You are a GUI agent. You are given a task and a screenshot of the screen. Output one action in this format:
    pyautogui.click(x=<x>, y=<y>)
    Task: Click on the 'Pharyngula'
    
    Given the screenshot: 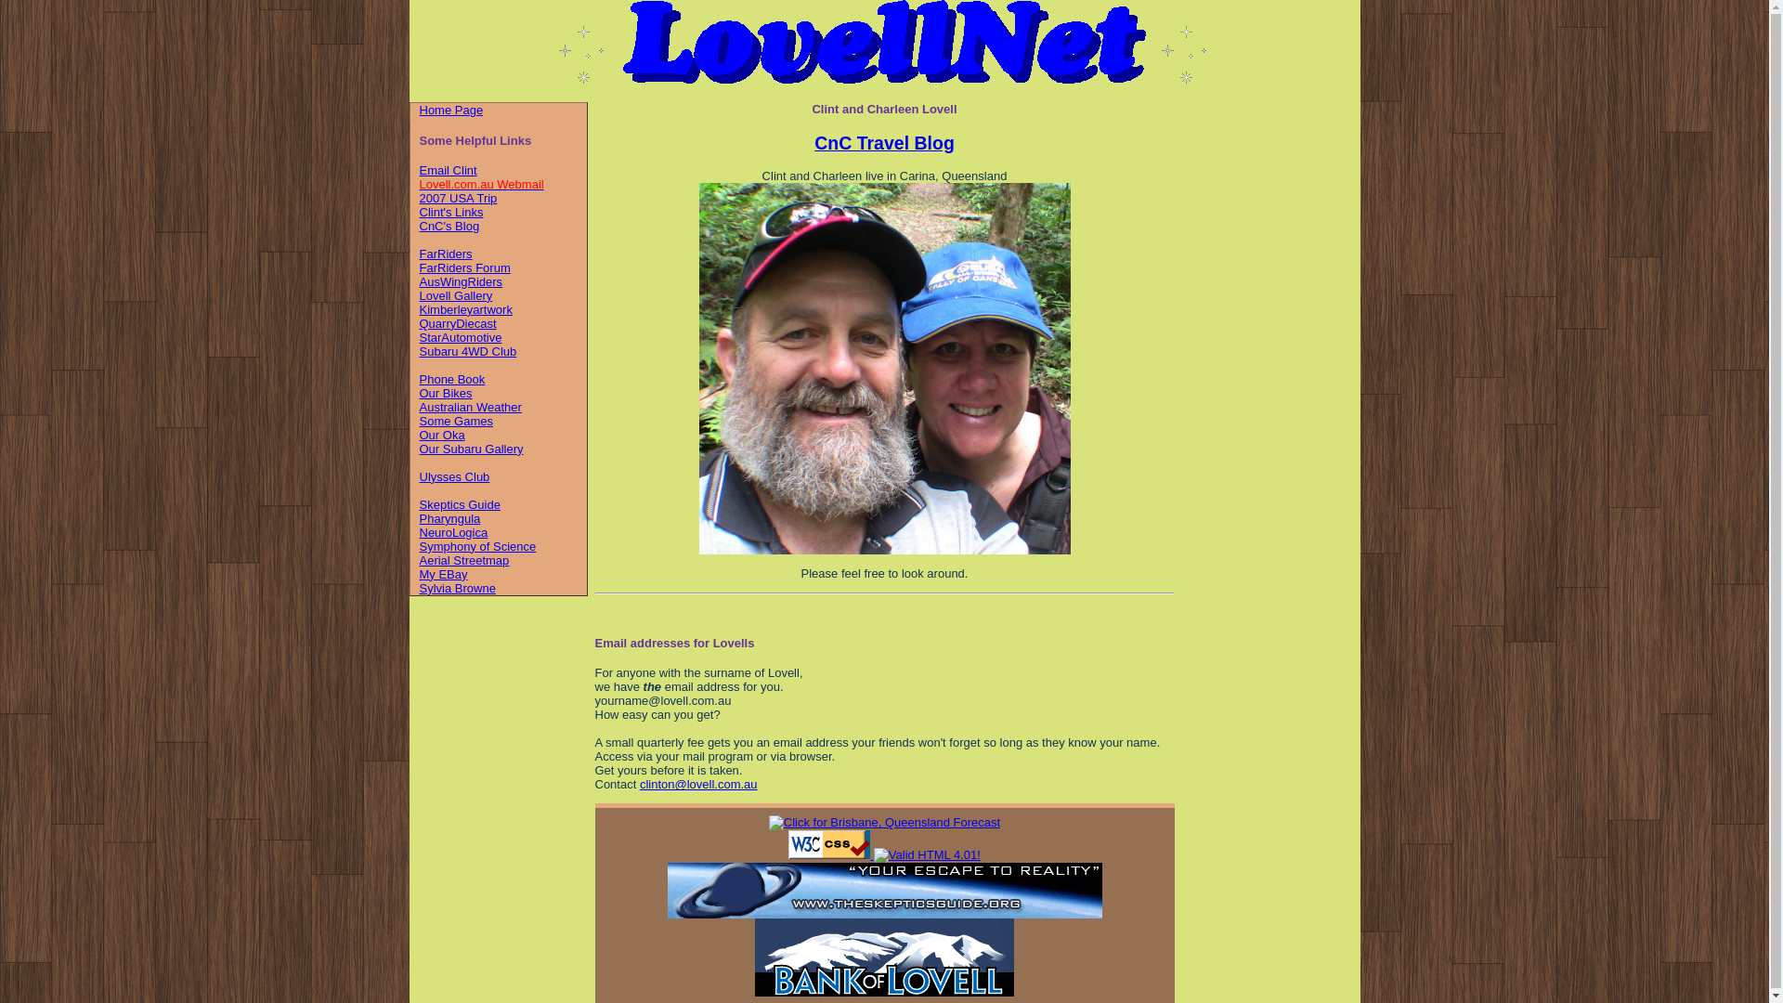 What is the action you would take?
    pyautogui.click(x=449, y=518)
    